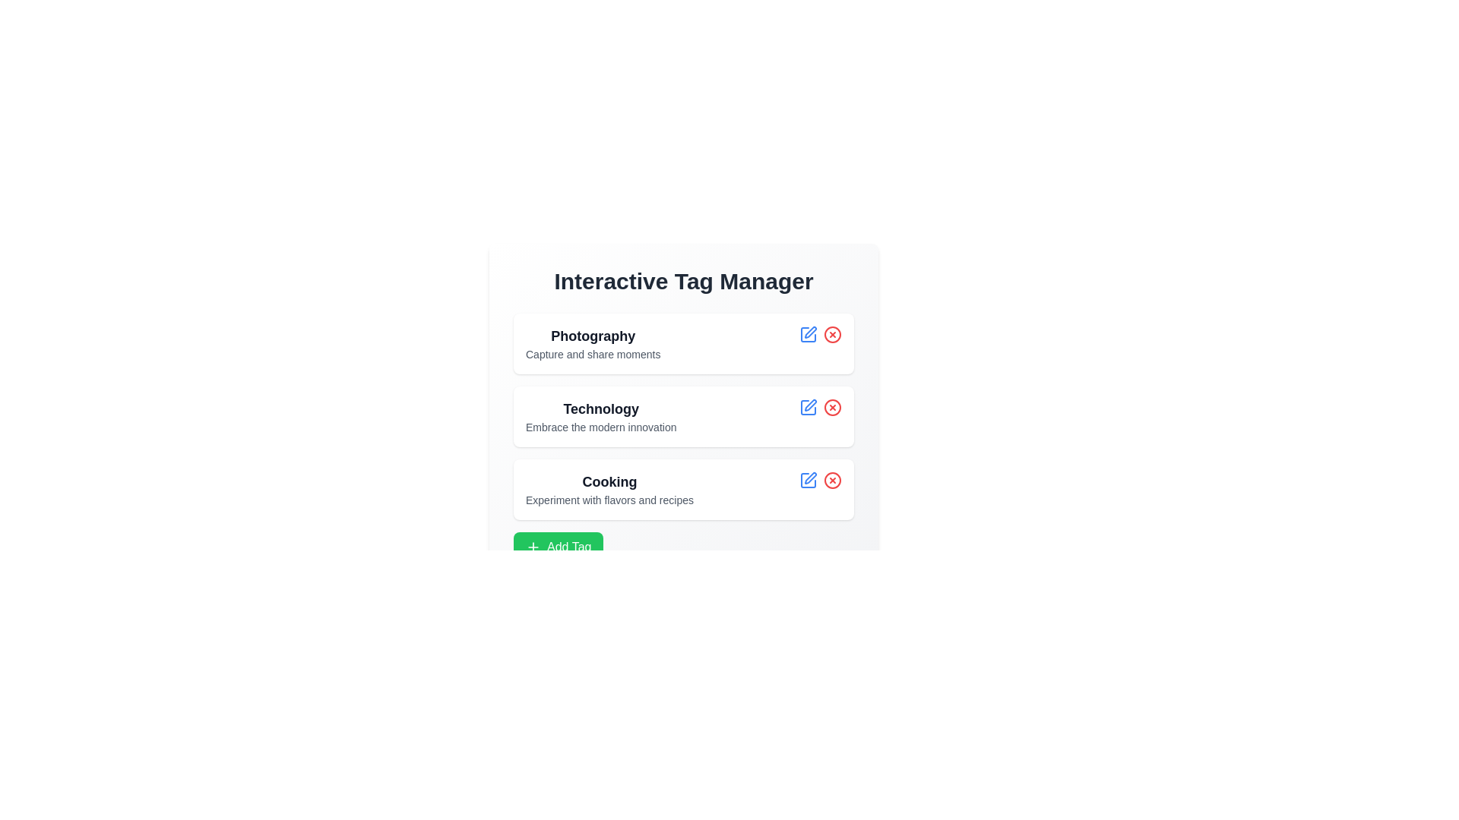  Describe the element at coordinates (831, 406) in the screenshot. I see `the circle icon representing the close or remove button for the 'Technology' list item` at that location.